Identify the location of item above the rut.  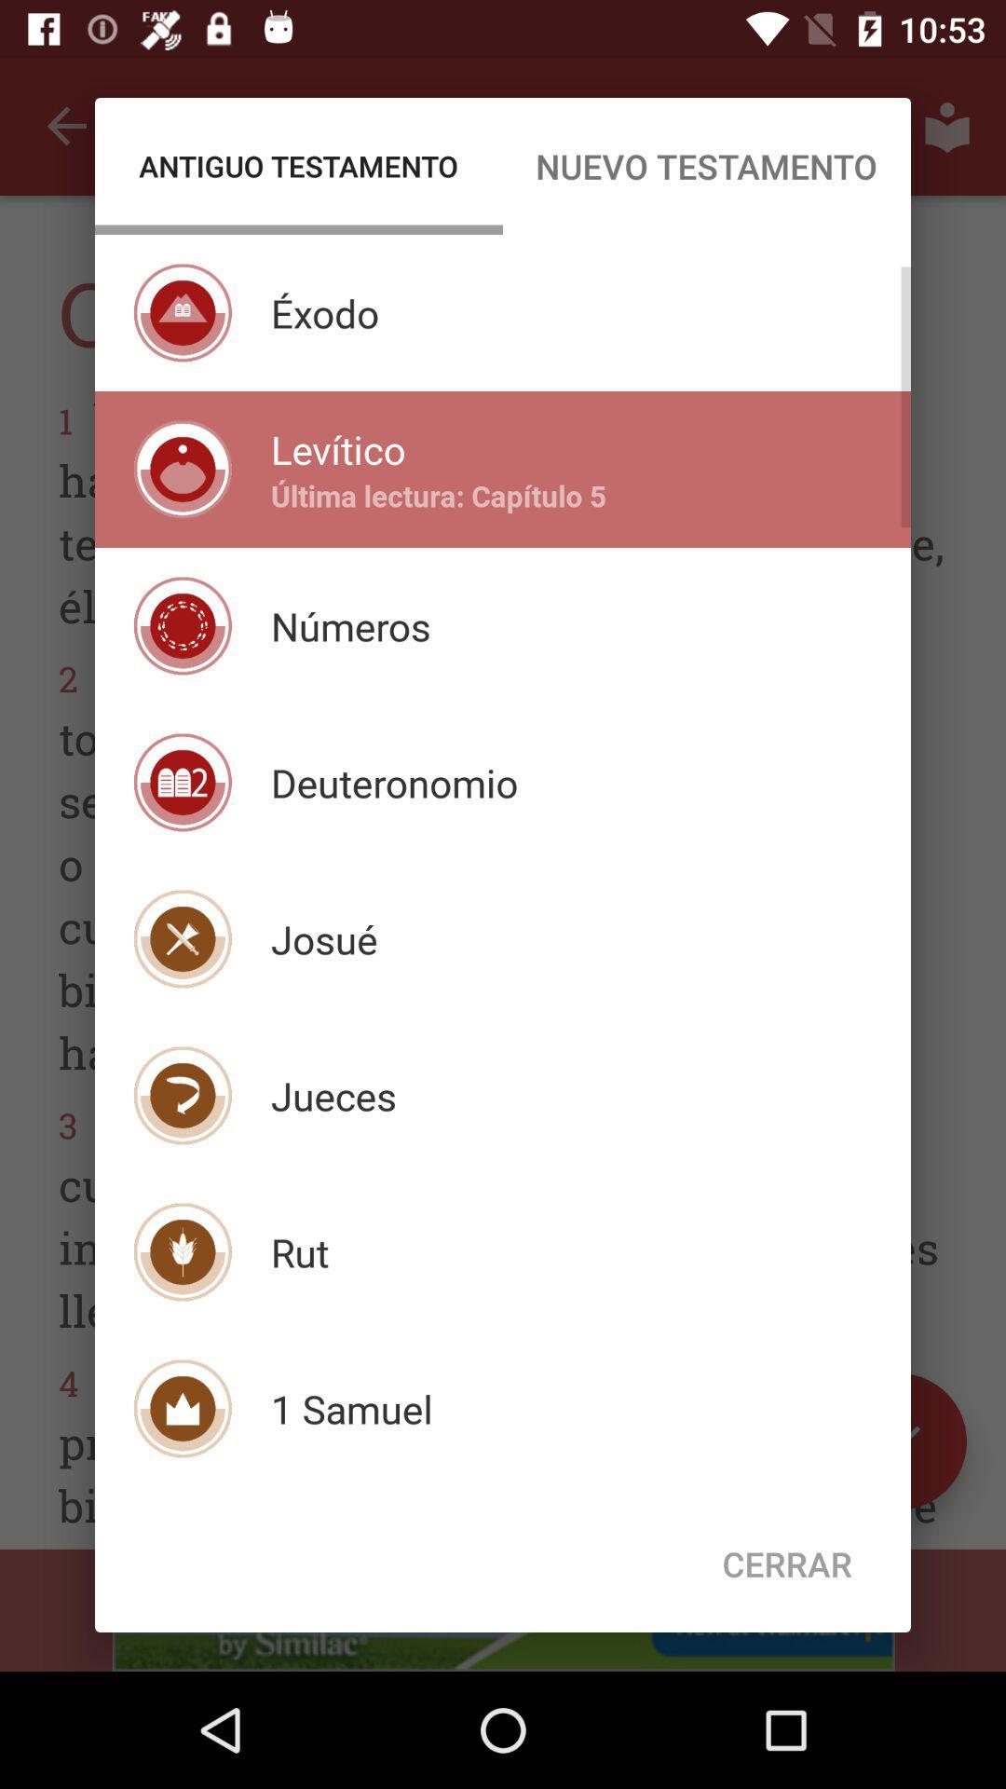
(333, 1096).